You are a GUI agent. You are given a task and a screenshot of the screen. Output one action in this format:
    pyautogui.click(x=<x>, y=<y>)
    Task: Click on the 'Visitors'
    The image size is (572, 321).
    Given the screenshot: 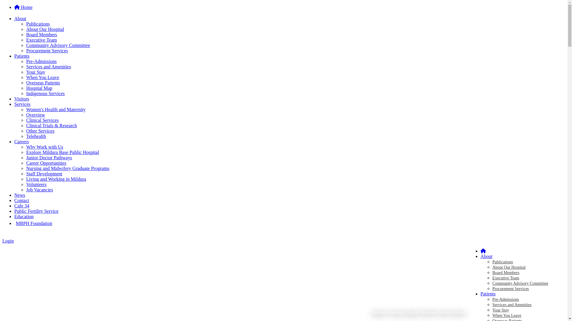 What is the action you would take?
    pyautogui.click(x=21, y=98)
    